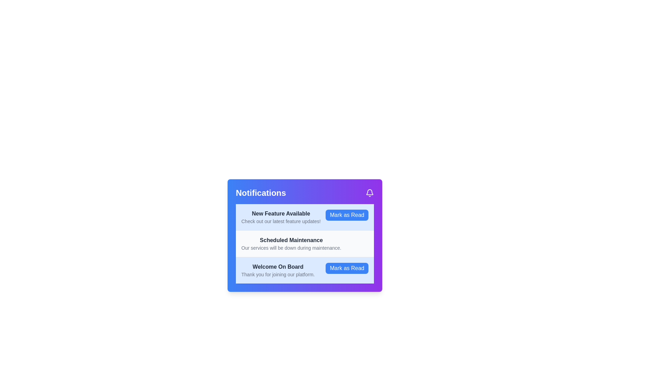  I want to click on the button in the top-right corner of the 'New Feature Available' notification card to modify its appearance and indicate interactivity, so click(347, 215).